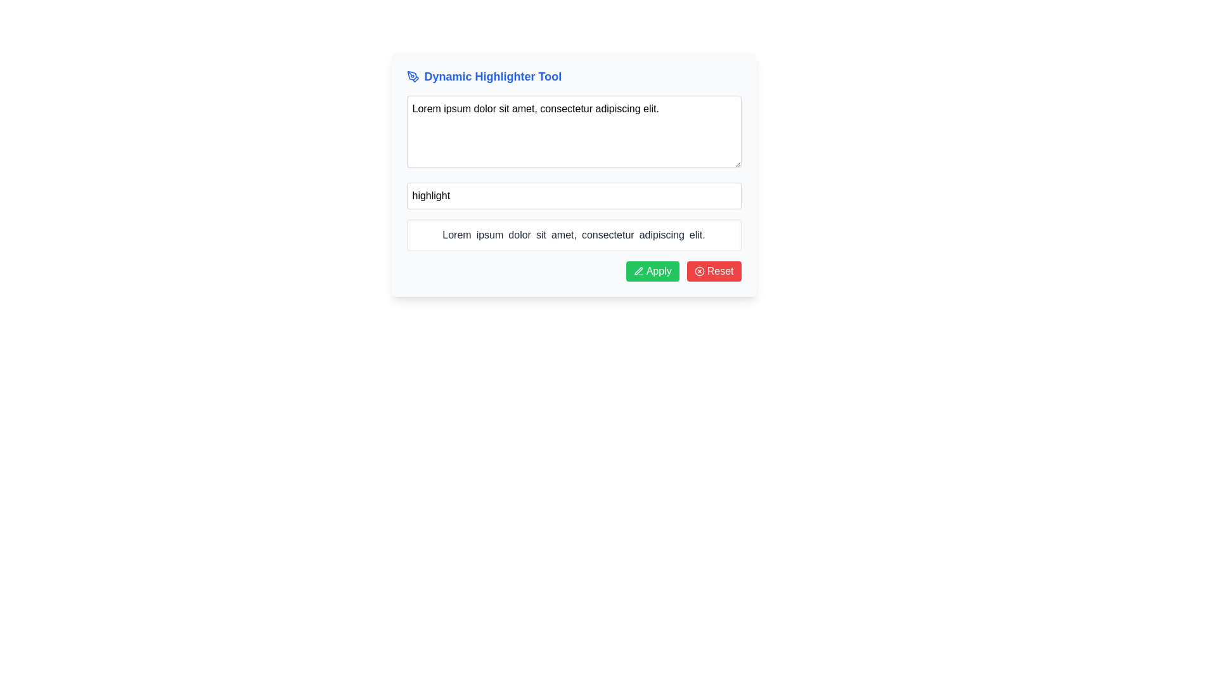  I want to click on the text element displaying the word 'sit', which is the fourth word in the sequence 'Lorem ipsum dolor sit amet, consectetur adipiscing elit.', so click(541, 235).